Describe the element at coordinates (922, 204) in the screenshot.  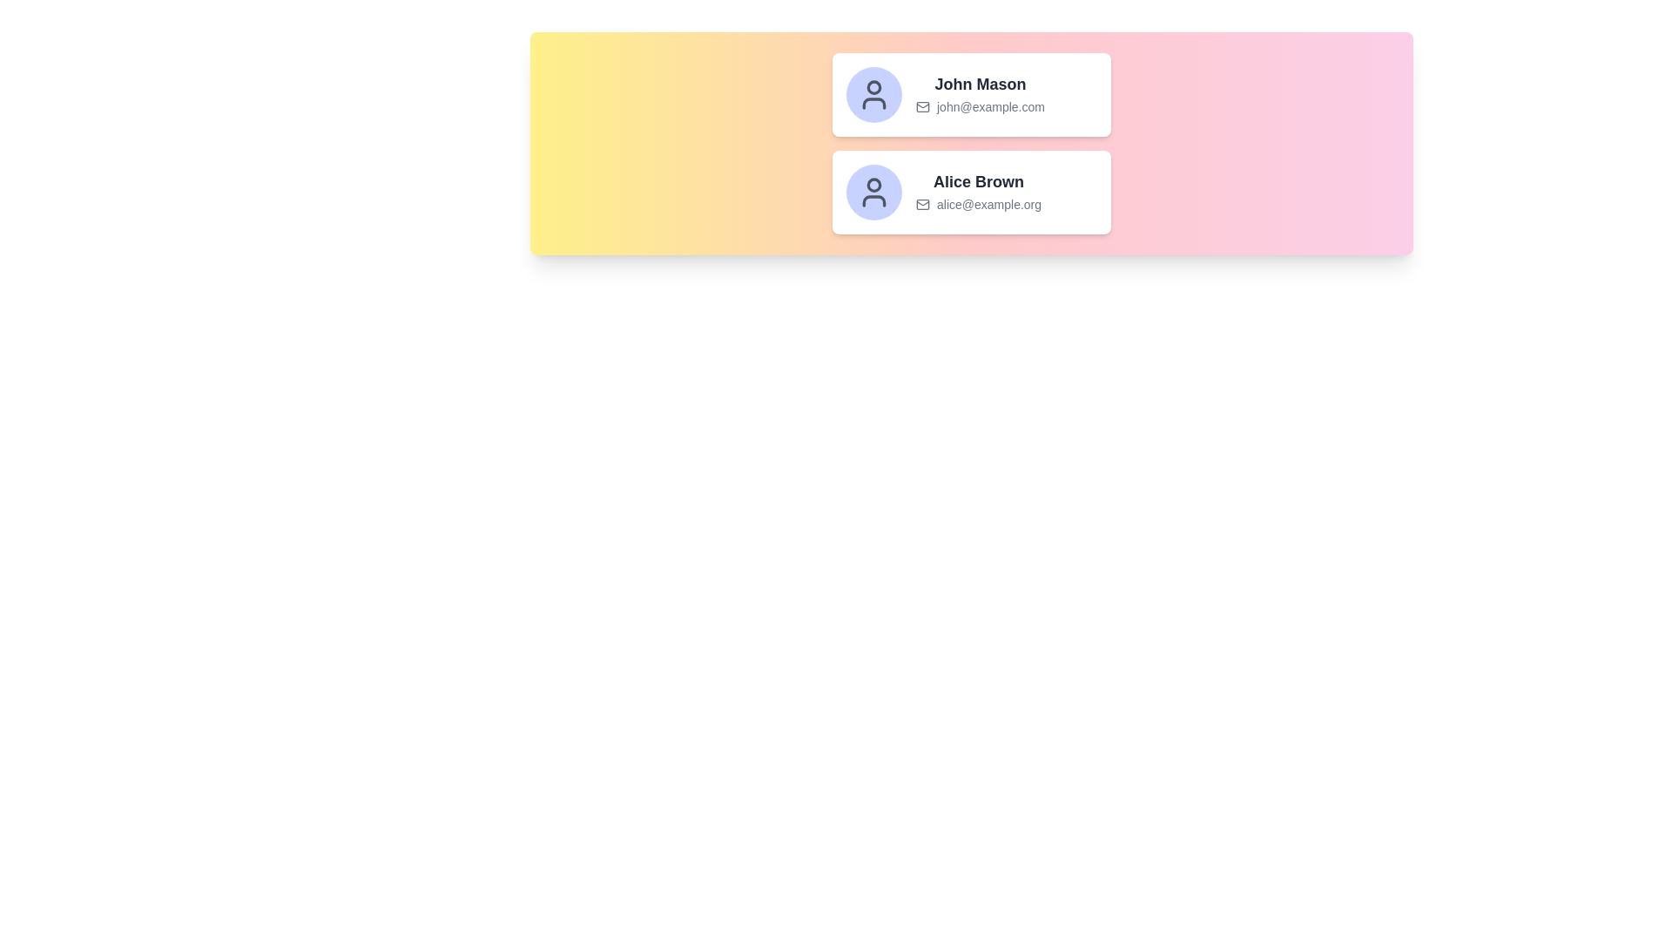
I see `the envelope icon representing email functionality located to the left of the email address 'alice@example.org' in the second contact card` at that location.